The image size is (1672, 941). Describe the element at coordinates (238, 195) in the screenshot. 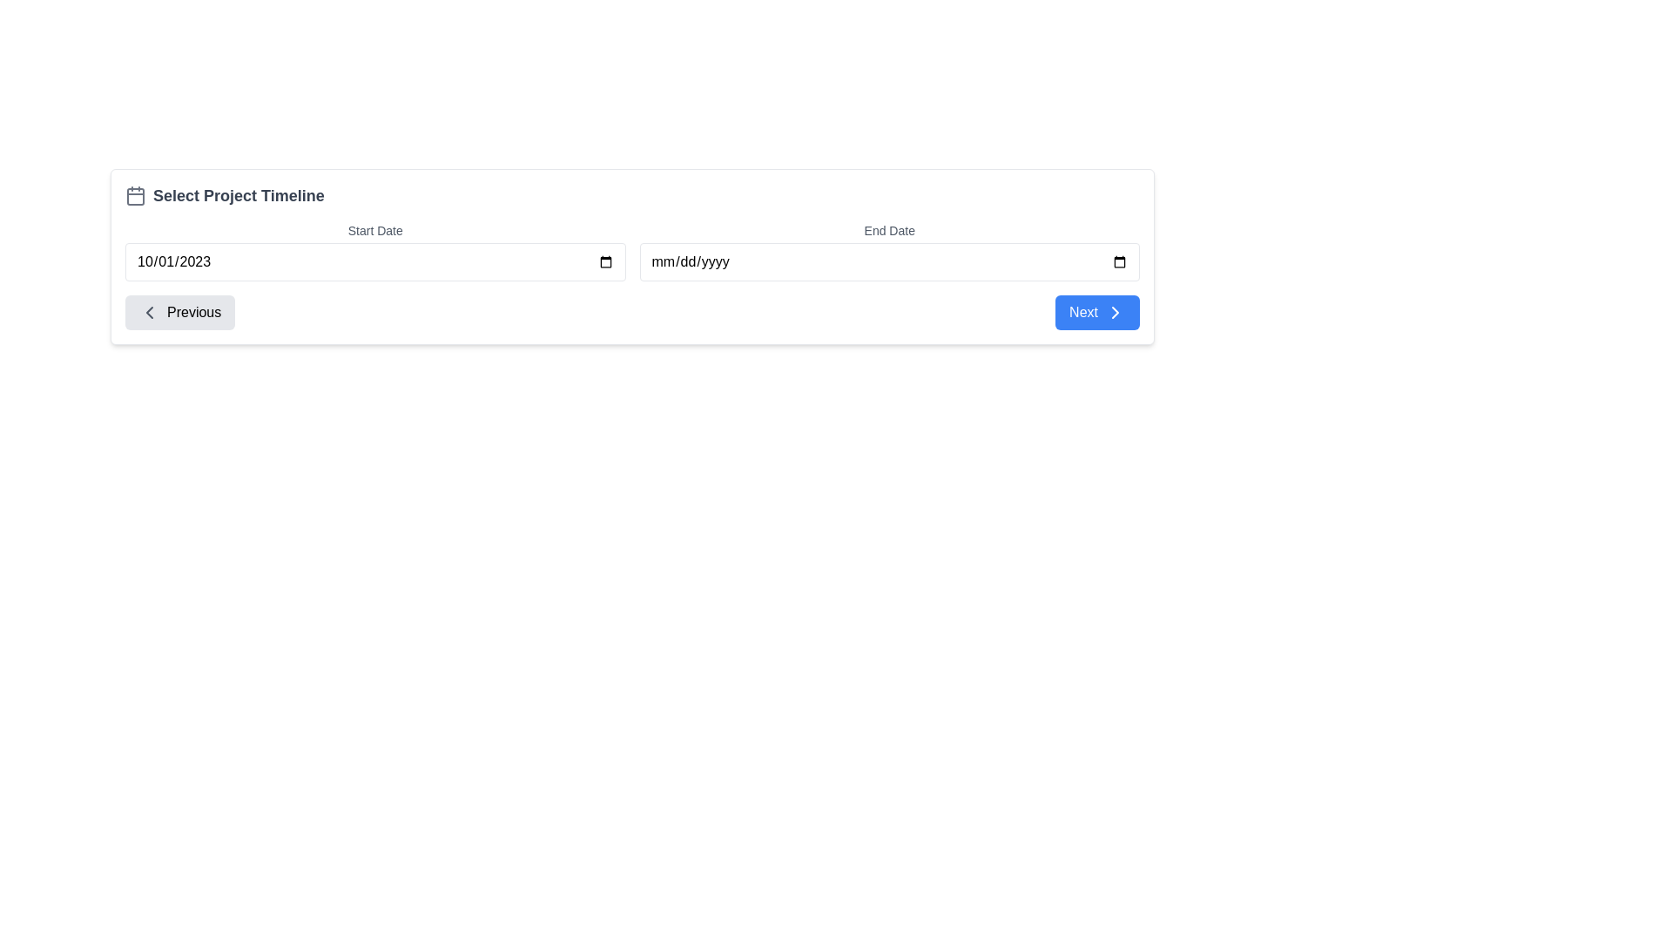

I see `the static text label displaying 'Select Project Timeline', which is a bold, large gray font aligned with section headings, located in the top-left corner of the form section` at that location.